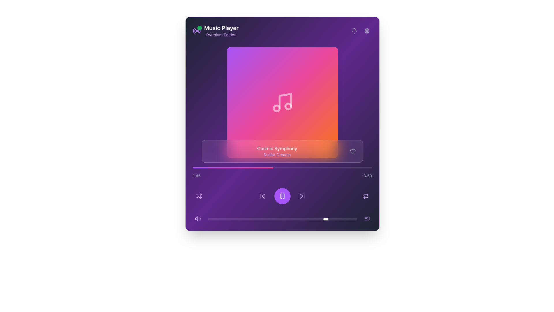 The image size is (554, 312). I want to click on the text label indicating the total duration of the currently playing track in the music player, positioned at the far right of the progress bar below the album art, so click(367, 176).